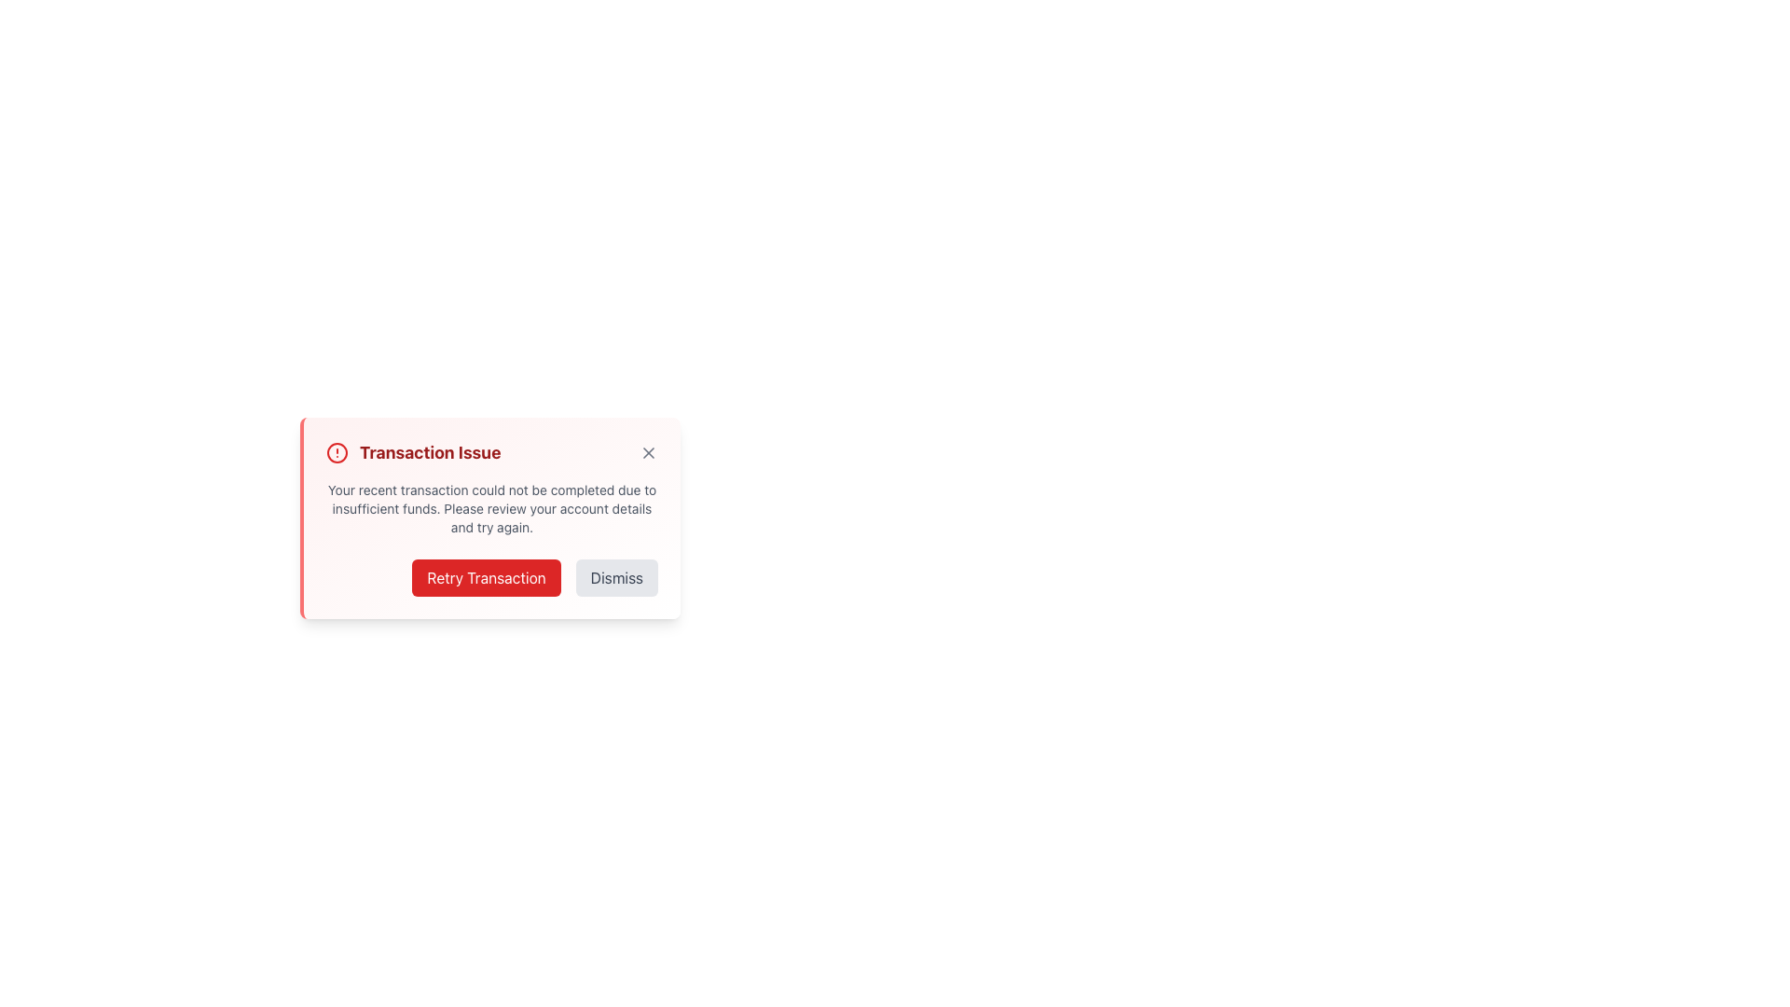 The width and height of the screenshot is (1790, 1007). What do you see at coordinates (487, 577) in the screenshot?
I see `the 'Retry Transaction' button with a prominent red background and white text` at bounding box center [487, 577].